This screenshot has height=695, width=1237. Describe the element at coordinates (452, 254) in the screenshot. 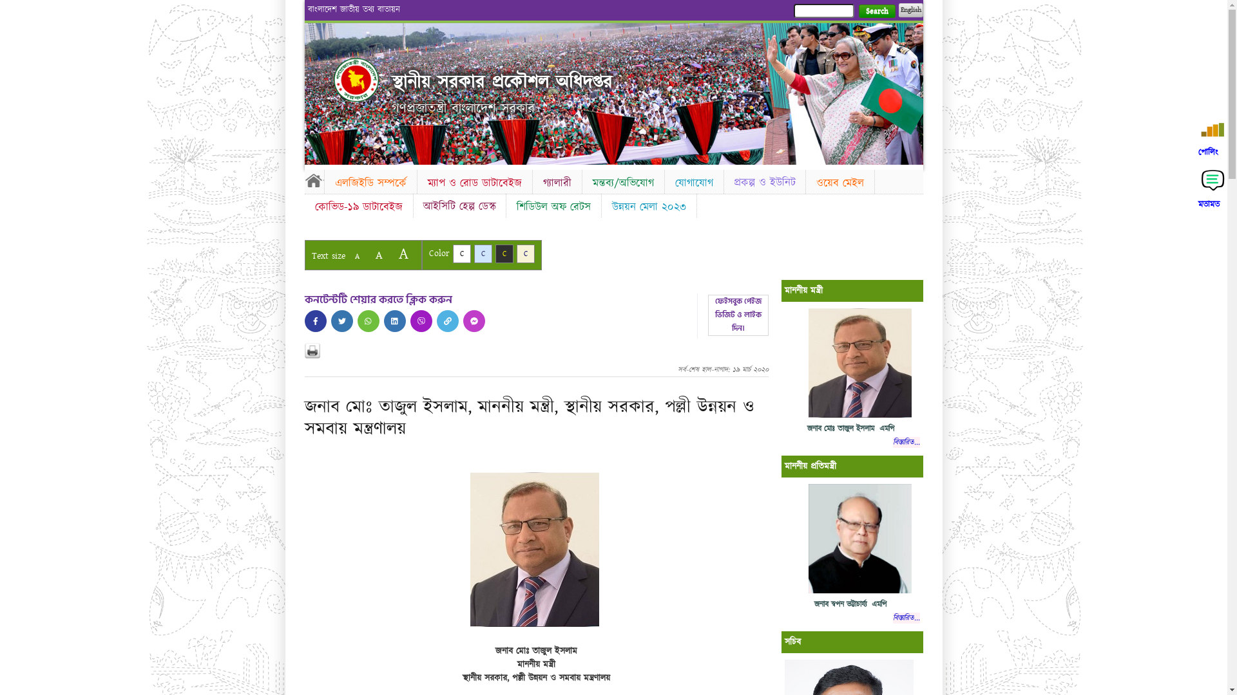

I see `'C'` at that location.